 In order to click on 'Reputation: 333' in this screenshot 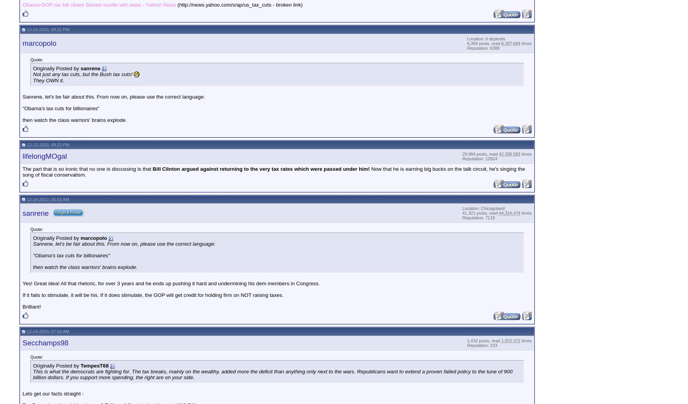, I will do `click(482, 345)`.